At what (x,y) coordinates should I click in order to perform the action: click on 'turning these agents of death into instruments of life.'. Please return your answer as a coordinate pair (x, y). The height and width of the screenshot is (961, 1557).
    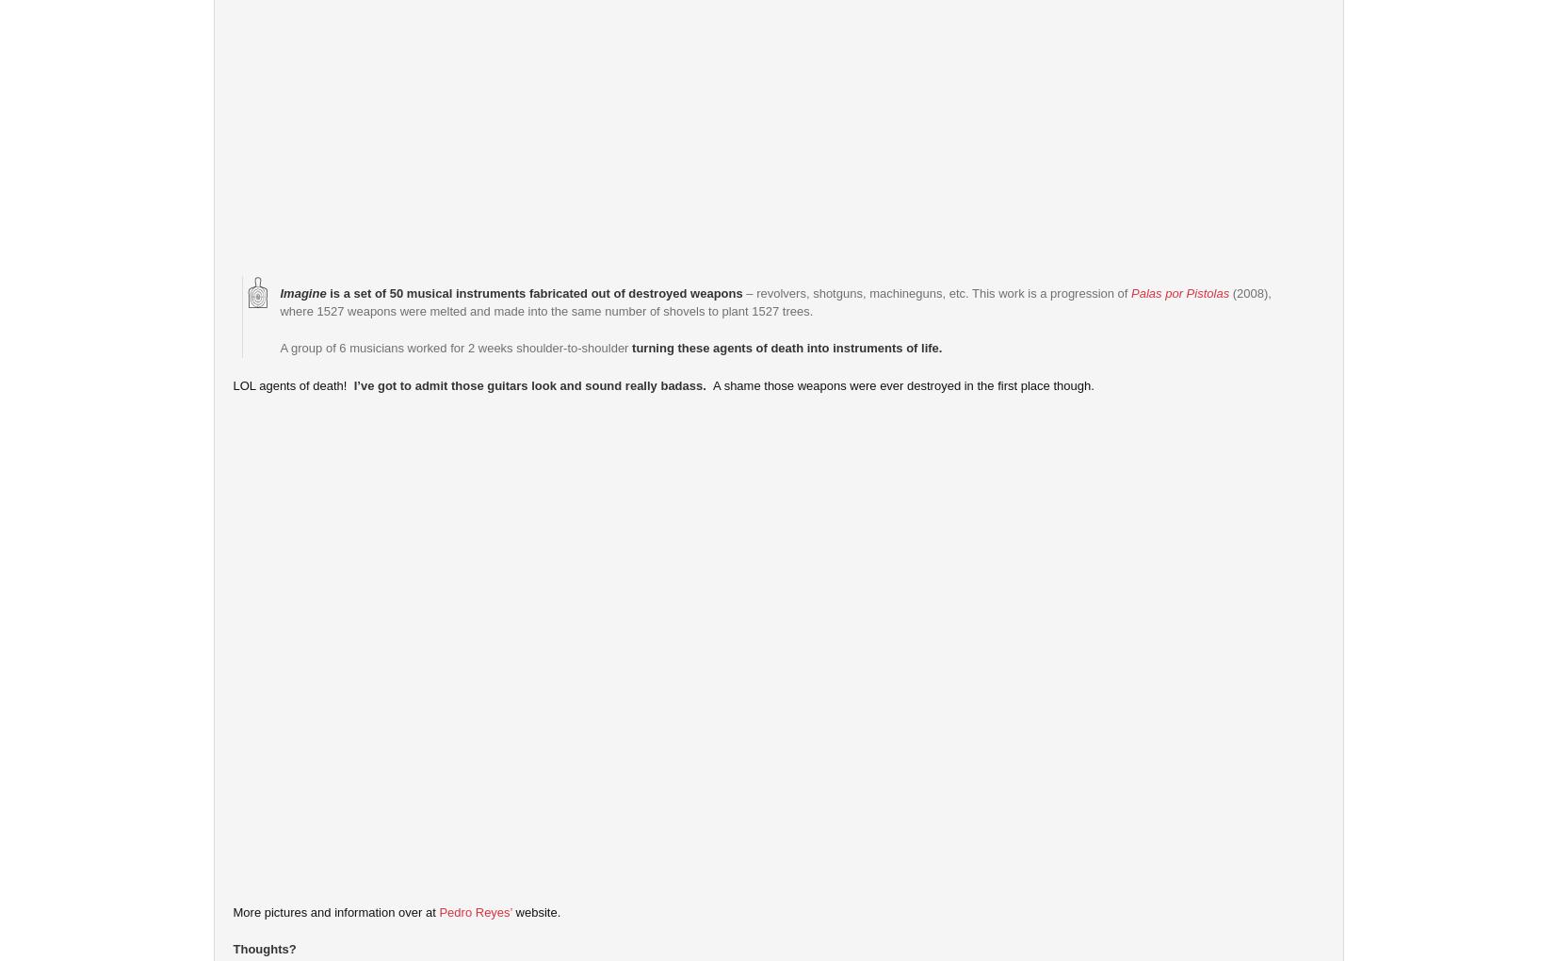
    Looking at the image, I should click on (787, 347).